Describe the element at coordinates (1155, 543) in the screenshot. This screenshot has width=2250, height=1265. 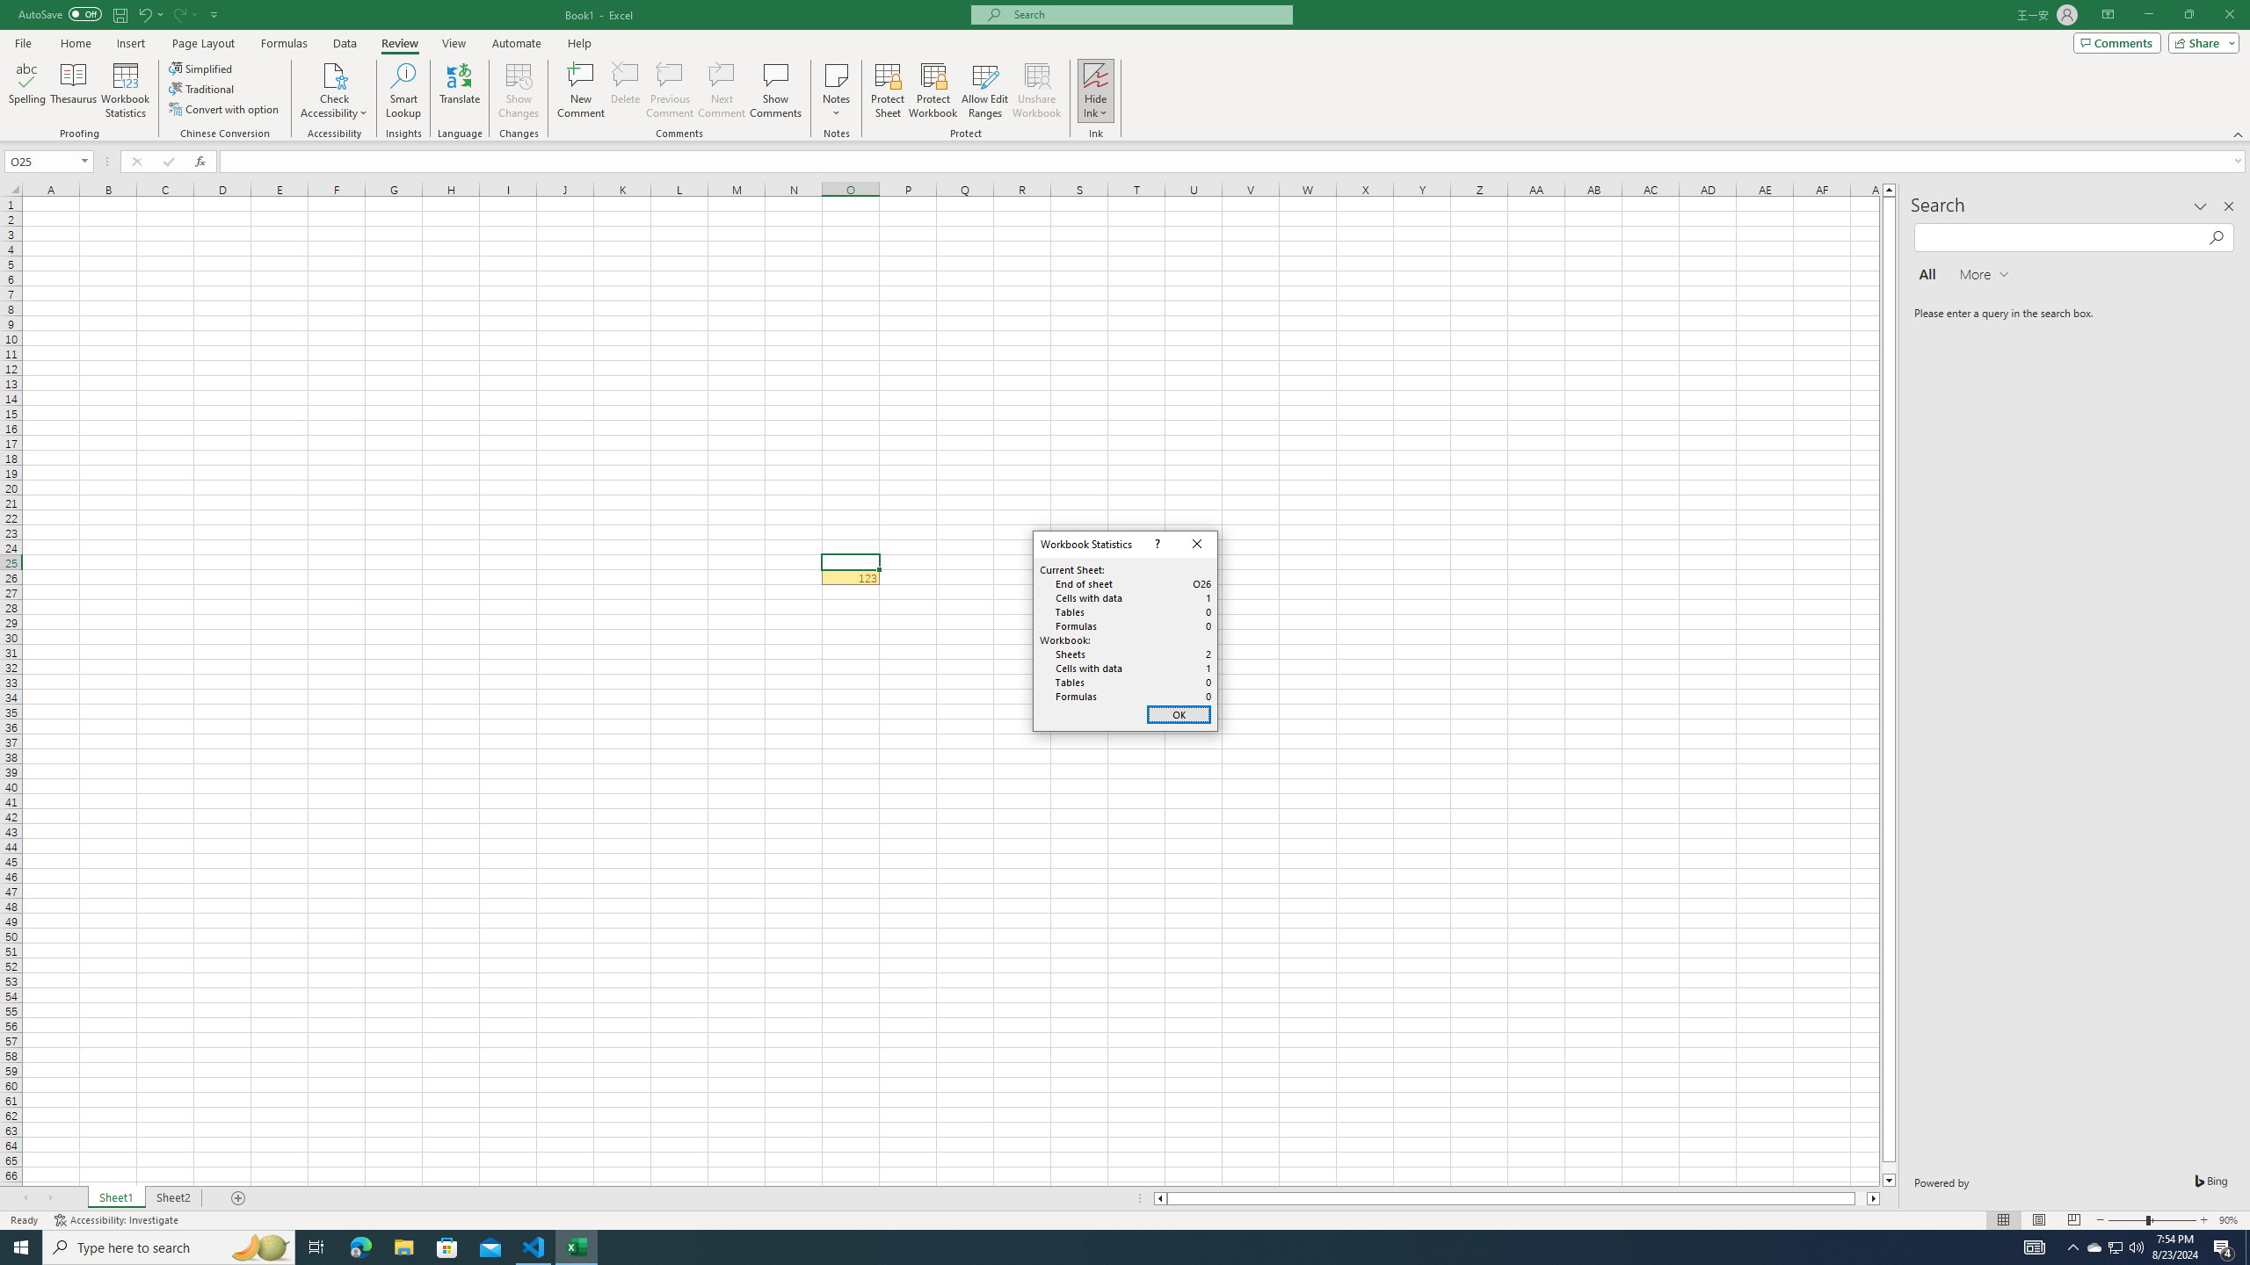
I see `'Context help'` at that location.